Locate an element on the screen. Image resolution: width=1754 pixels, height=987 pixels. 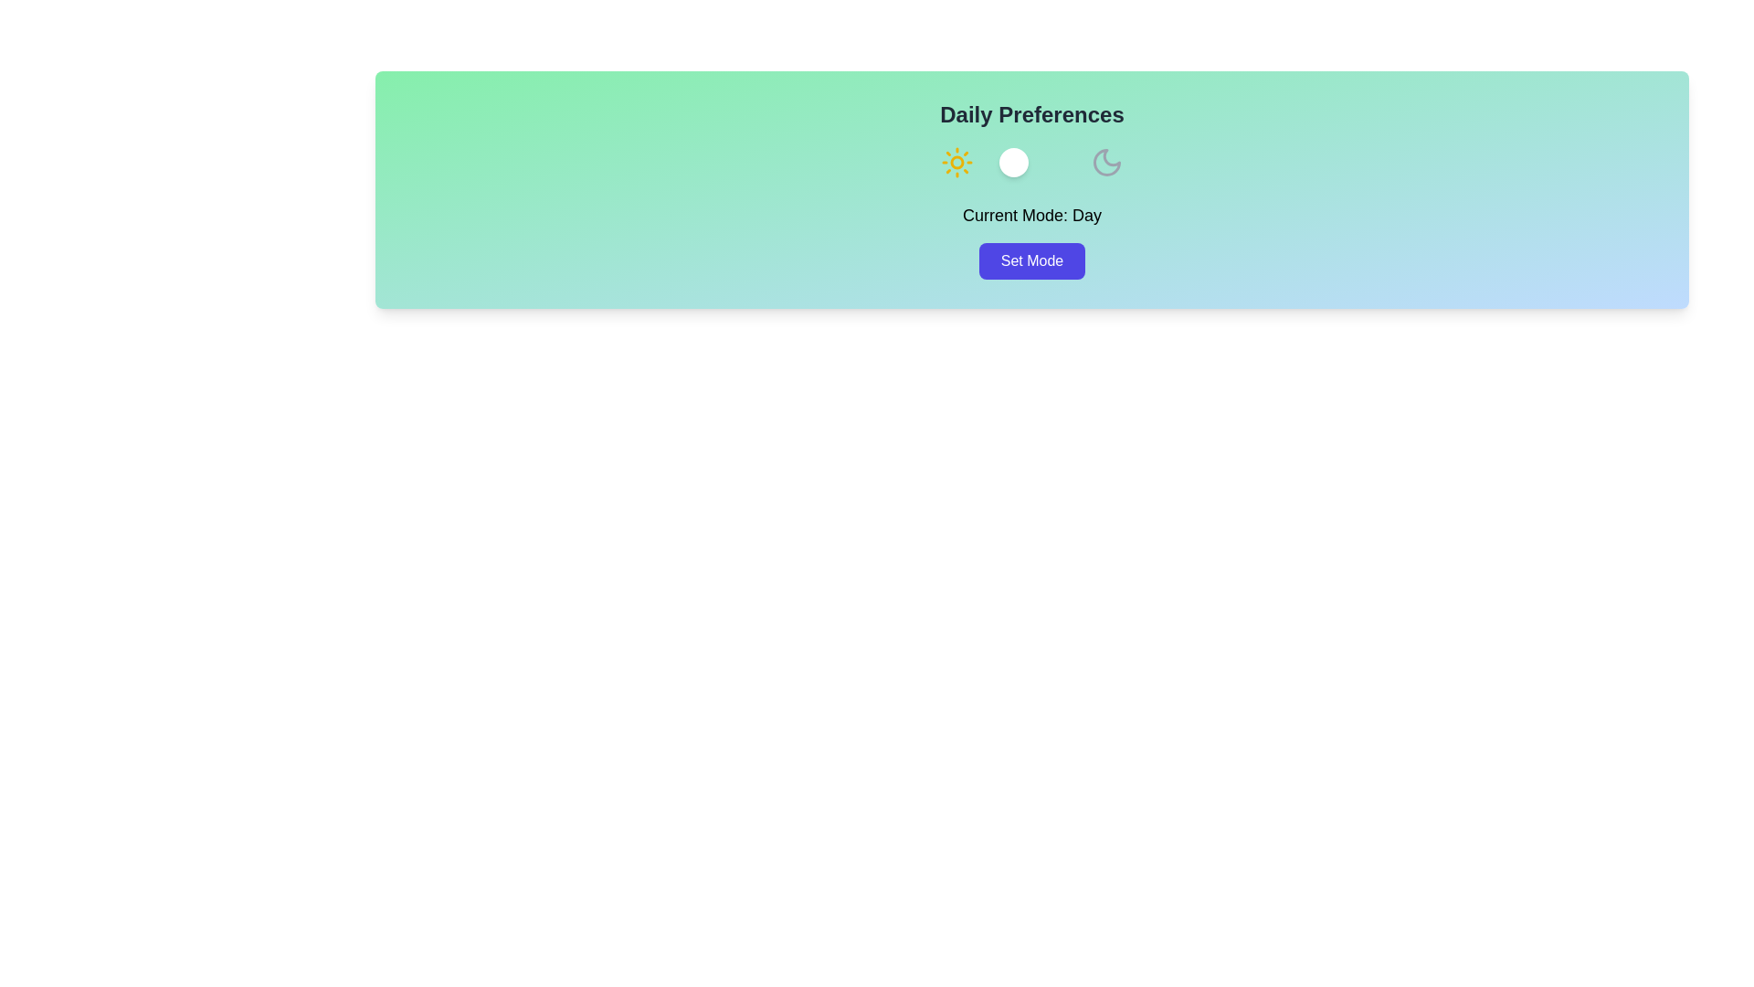
the moon icon to switch to night mode is located at coordinates (1105, 161).